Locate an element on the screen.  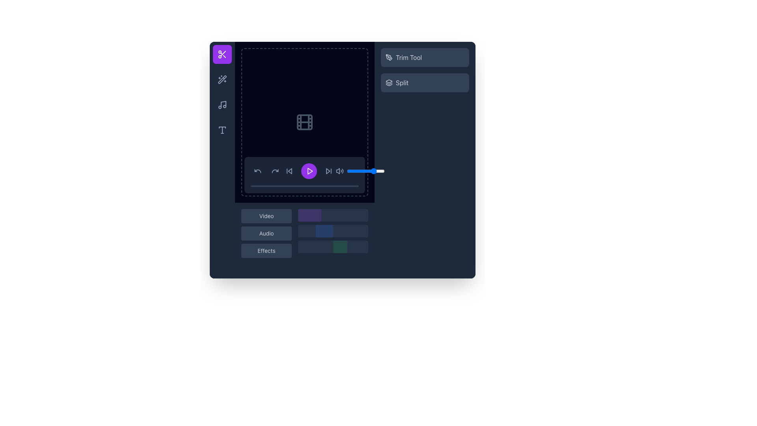
the triangular fast-forward icon in the media control bar is located at coordinates (328, 171).